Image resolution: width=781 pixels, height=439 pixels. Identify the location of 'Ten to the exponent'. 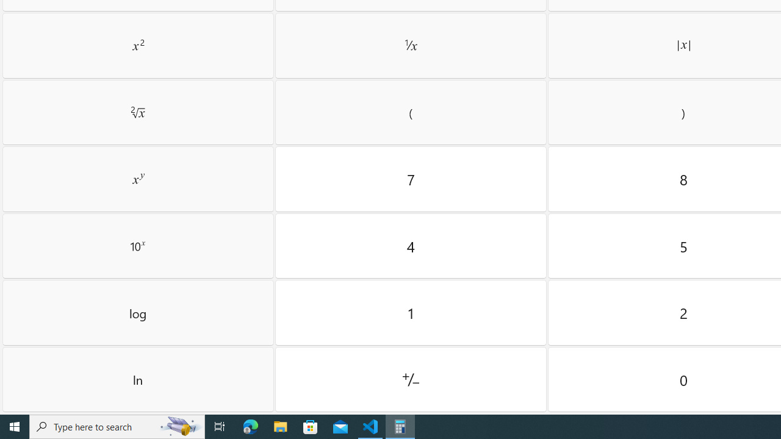
(138, 246).